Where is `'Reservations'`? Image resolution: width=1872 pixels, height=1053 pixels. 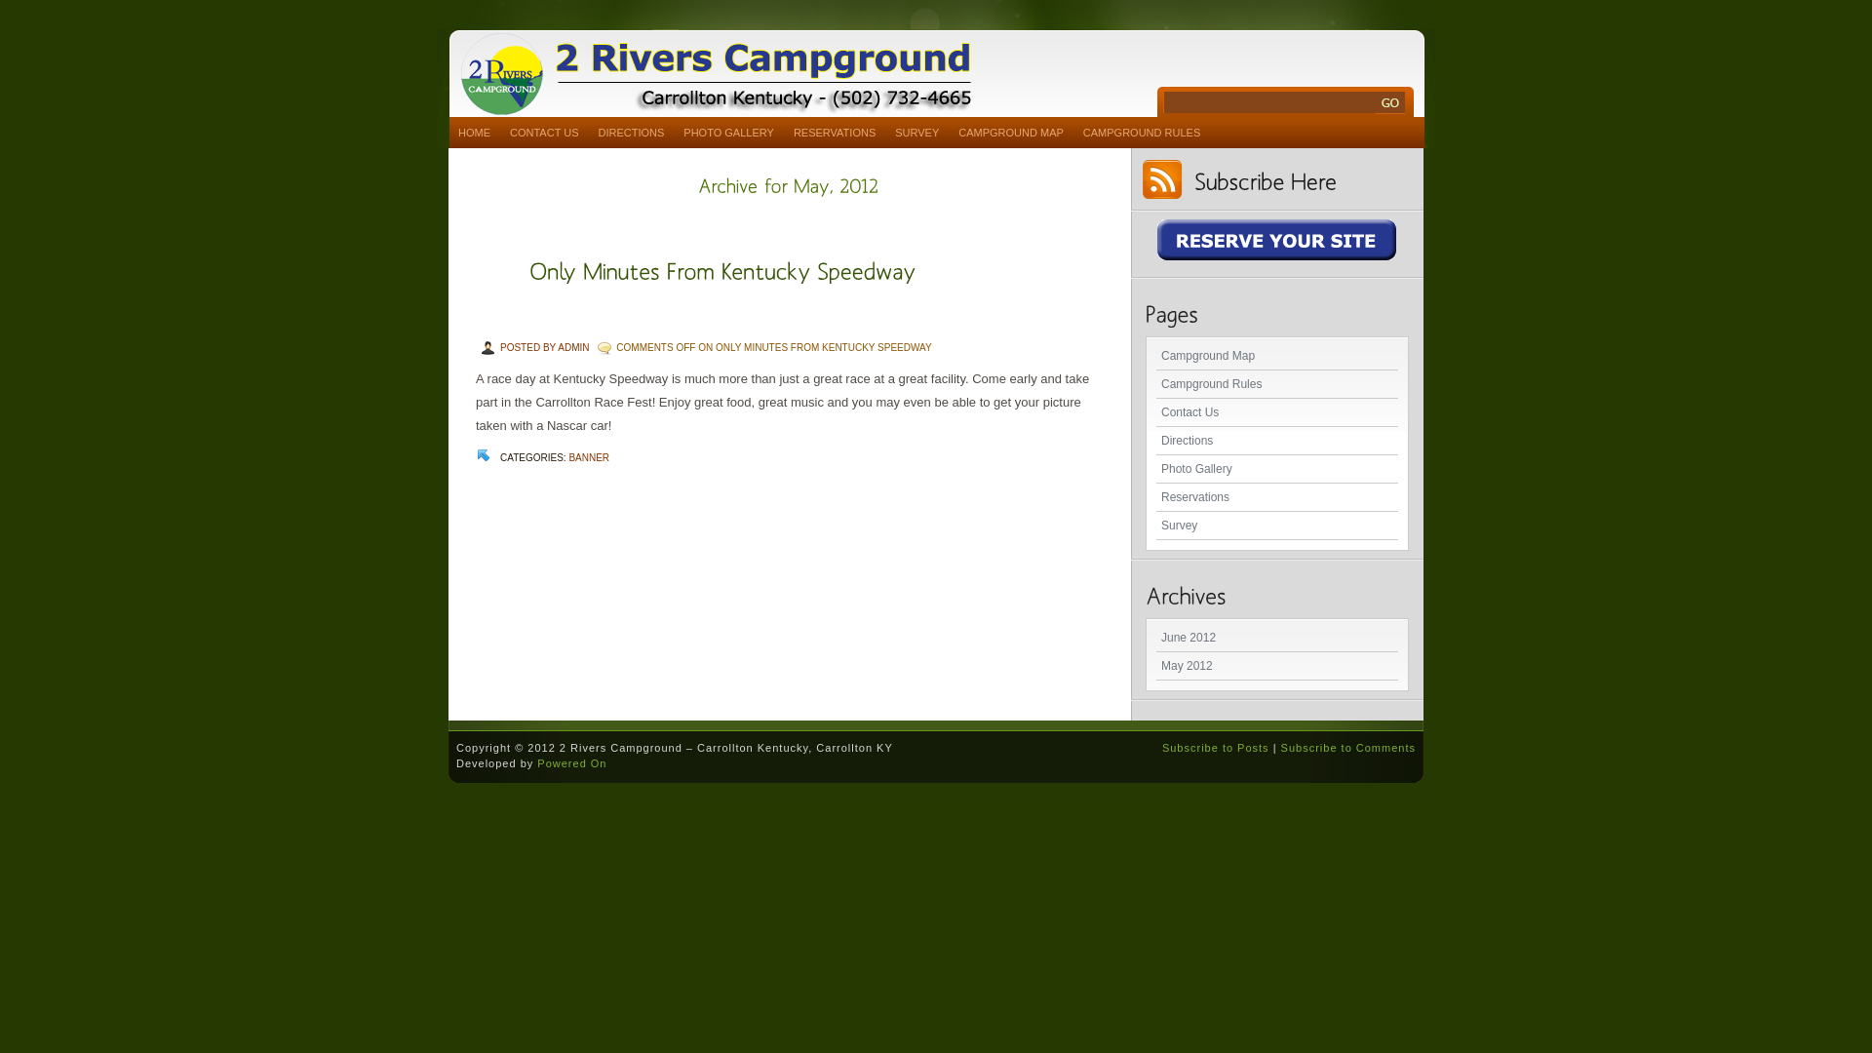
'Reservations' is located at coordinates (1277, 496).